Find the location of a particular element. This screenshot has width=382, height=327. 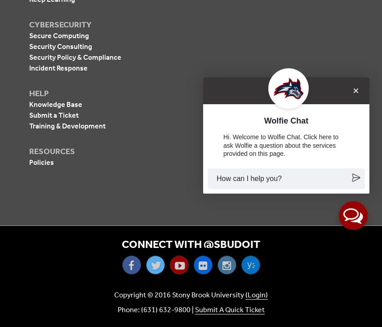

'Copyright © 2016 Stony Brook University' is located at coordinates (180, 294).